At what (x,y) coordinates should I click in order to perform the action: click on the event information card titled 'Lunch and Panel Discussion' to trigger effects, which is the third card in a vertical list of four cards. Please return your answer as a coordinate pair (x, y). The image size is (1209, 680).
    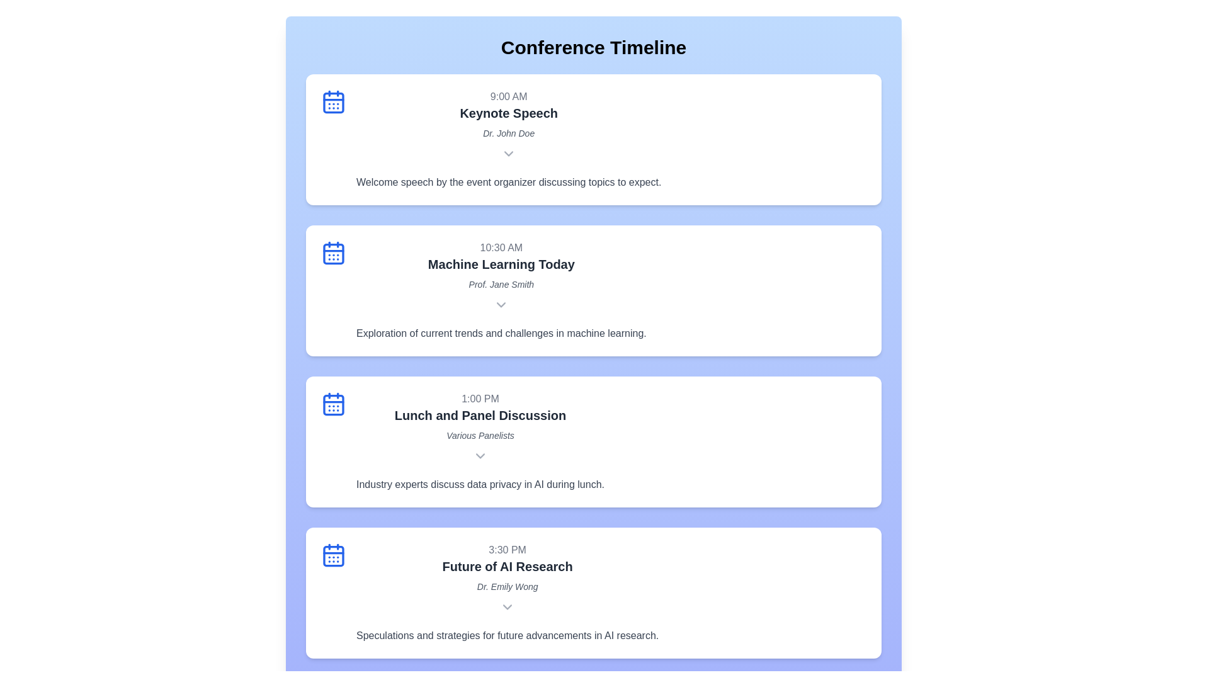
    Looking at the image, I should click on (593, 441).